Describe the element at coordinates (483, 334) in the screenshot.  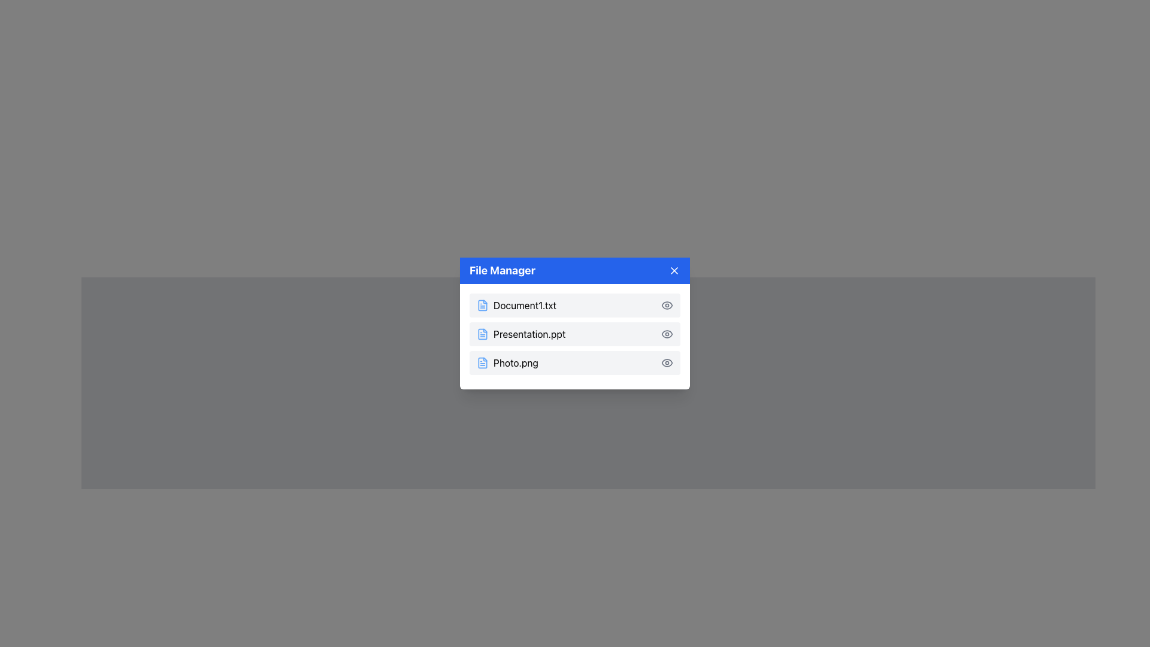
I see `the file representation icon for the document named 'Presentation.ppt', located in the second row of the file list, positioned on the left side of the row` at that location.